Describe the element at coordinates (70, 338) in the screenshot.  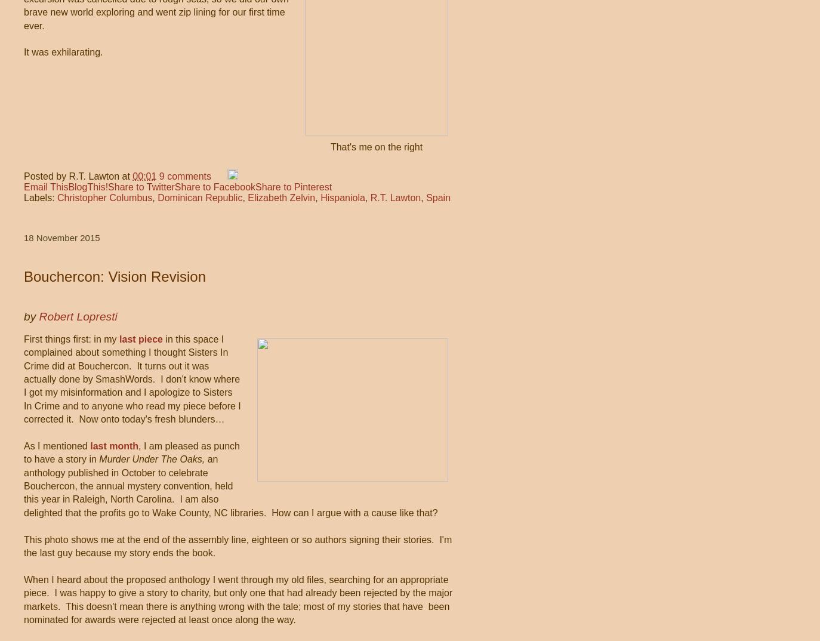
I see `'First things first: in my'` at that location.